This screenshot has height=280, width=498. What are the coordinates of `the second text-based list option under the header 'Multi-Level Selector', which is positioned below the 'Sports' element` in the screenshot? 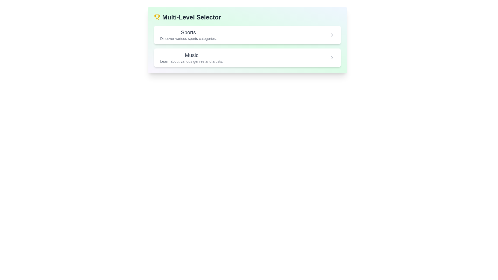 It's located at (191, 58).